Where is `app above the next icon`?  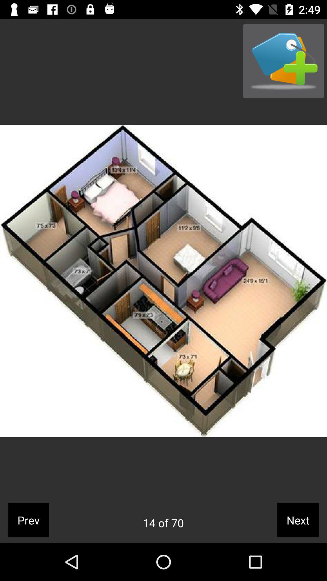
app above the next icon is located at coordinates (283, 61).